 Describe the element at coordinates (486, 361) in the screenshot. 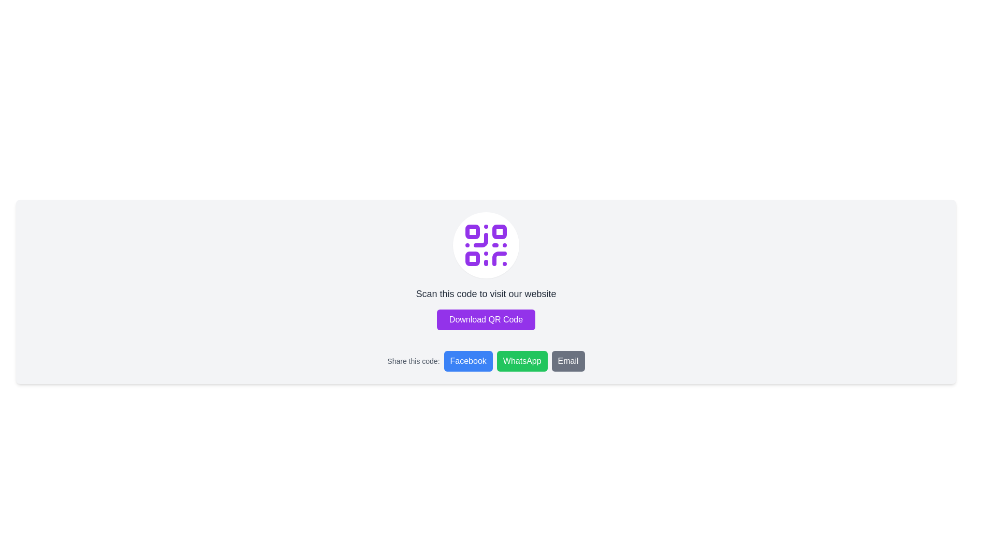

I see `the first button to the right of the text 'Share this code:' to initiate sharing the code on Facebook` at that location.